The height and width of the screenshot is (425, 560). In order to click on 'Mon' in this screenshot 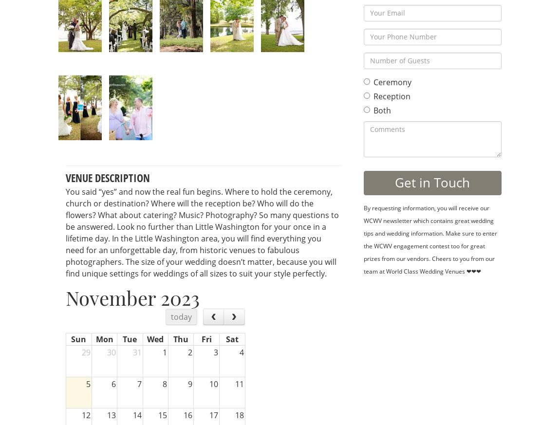, I will do `click(104, 339)`.